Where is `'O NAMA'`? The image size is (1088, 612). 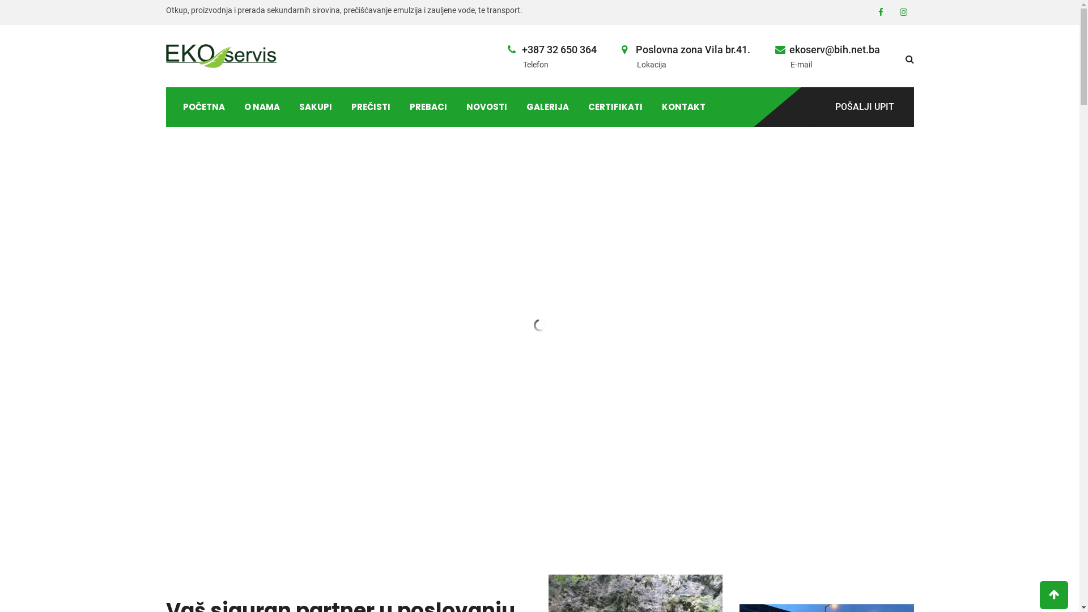 'O NAMA' is located at coordinates (261, 107).